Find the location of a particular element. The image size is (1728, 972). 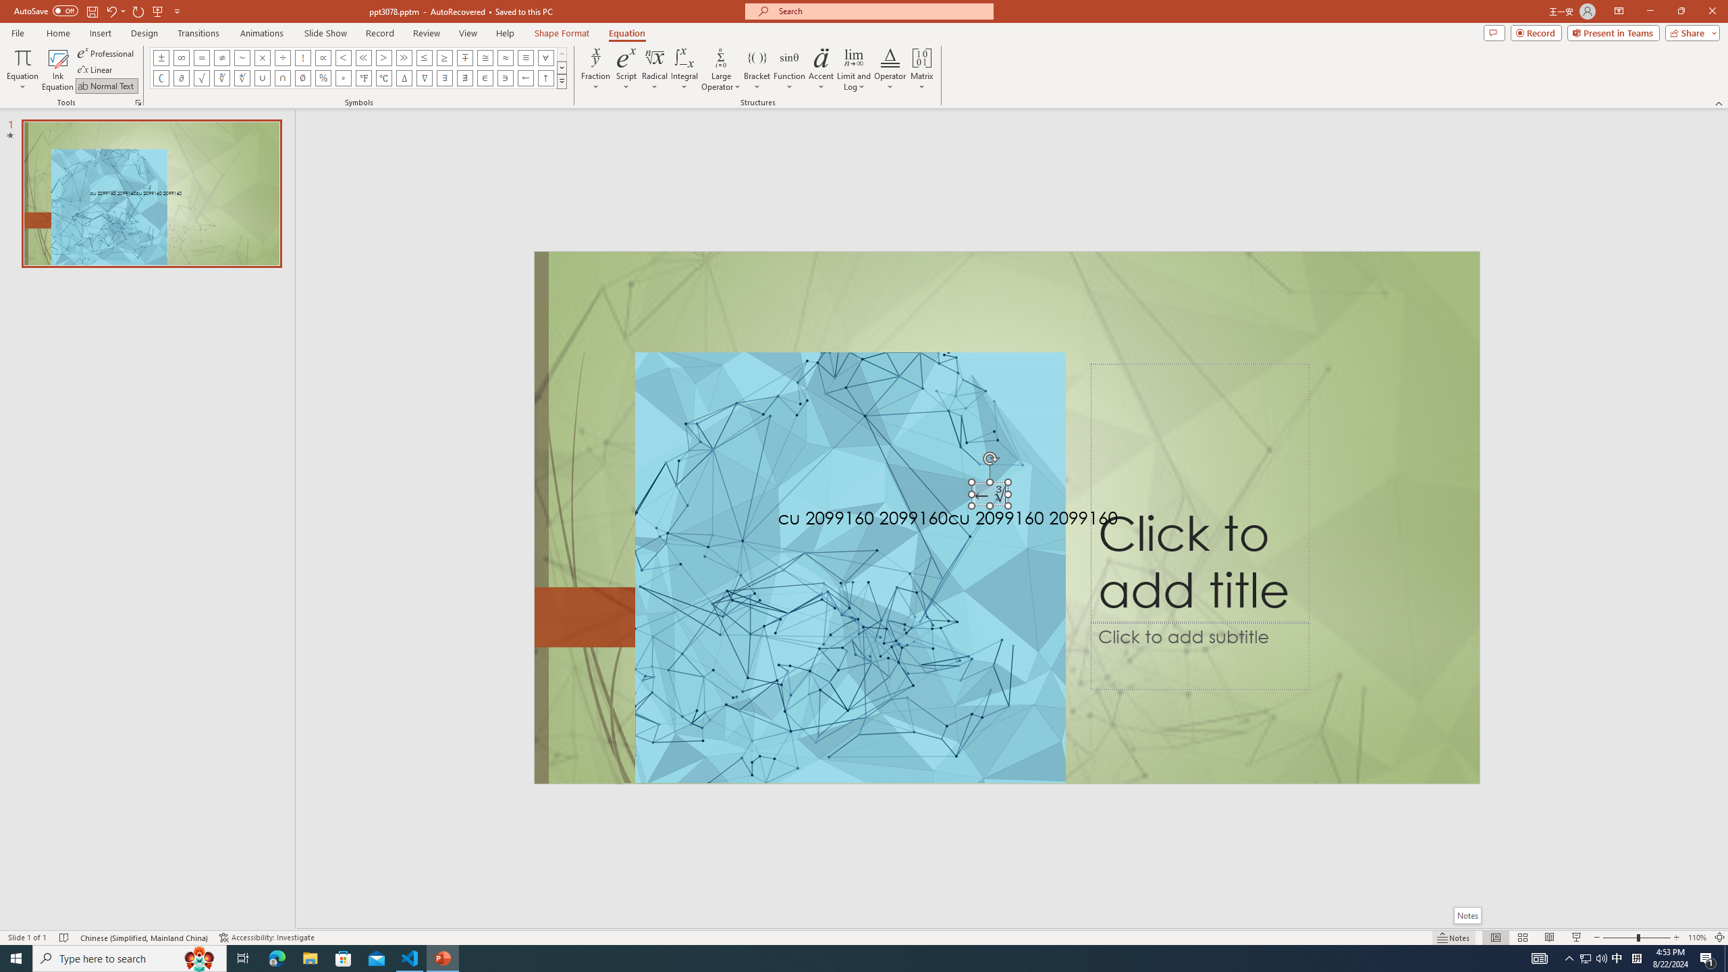

'Zoom 110%' is located at coordinates (1698, 938).